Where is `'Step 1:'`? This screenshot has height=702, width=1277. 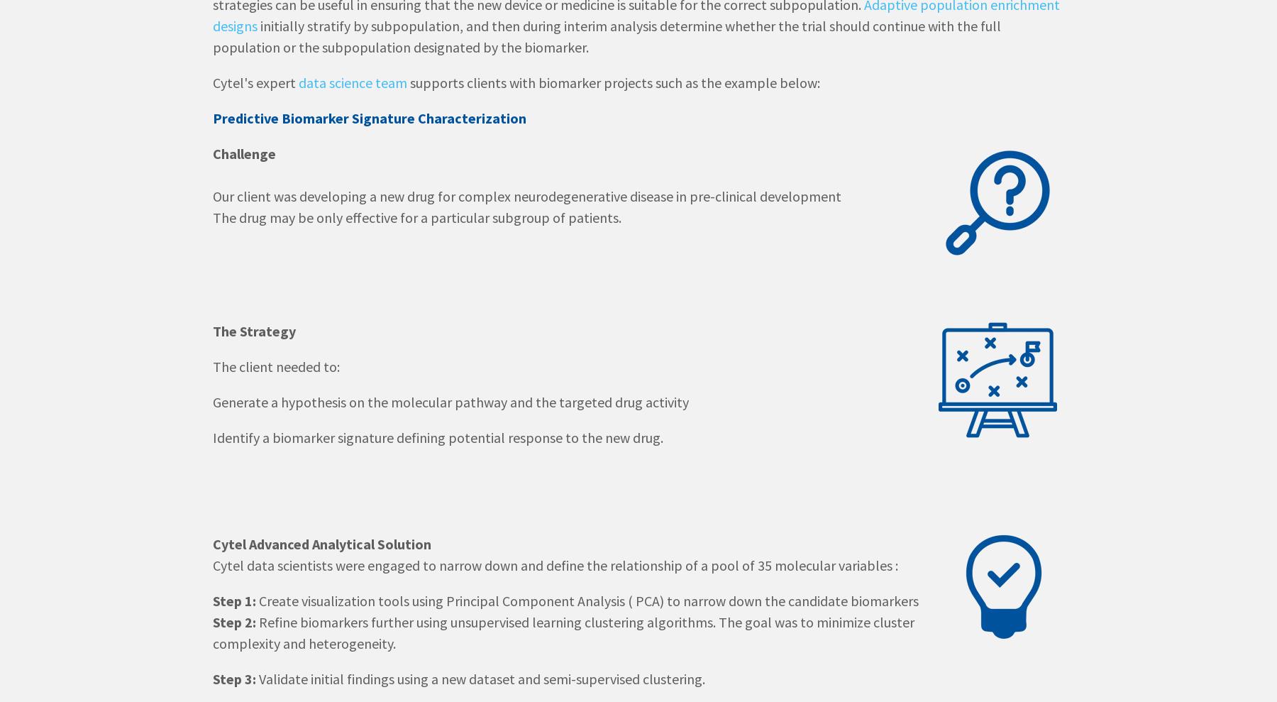
'Step 1:' is located at coordinates (233, 600).